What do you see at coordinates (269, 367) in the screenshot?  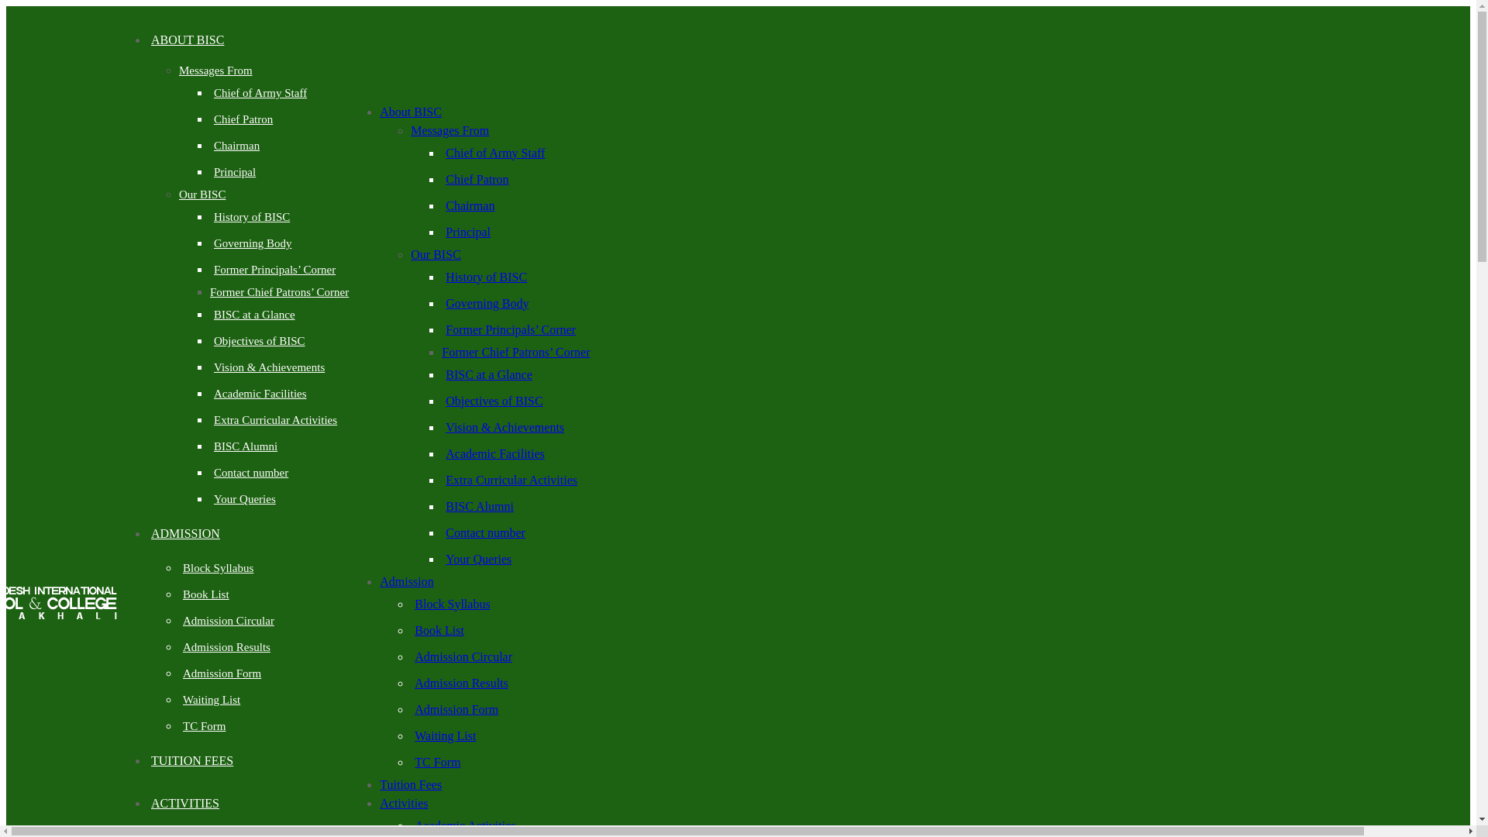 I see `'Vision & Achievements'` at bounding box center [269, 367].